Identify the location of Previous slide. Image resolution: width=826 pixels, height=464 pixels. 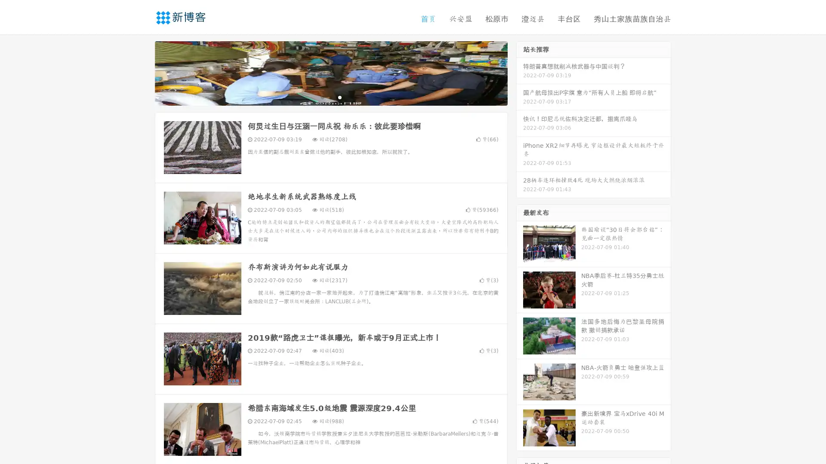
(142, 72).